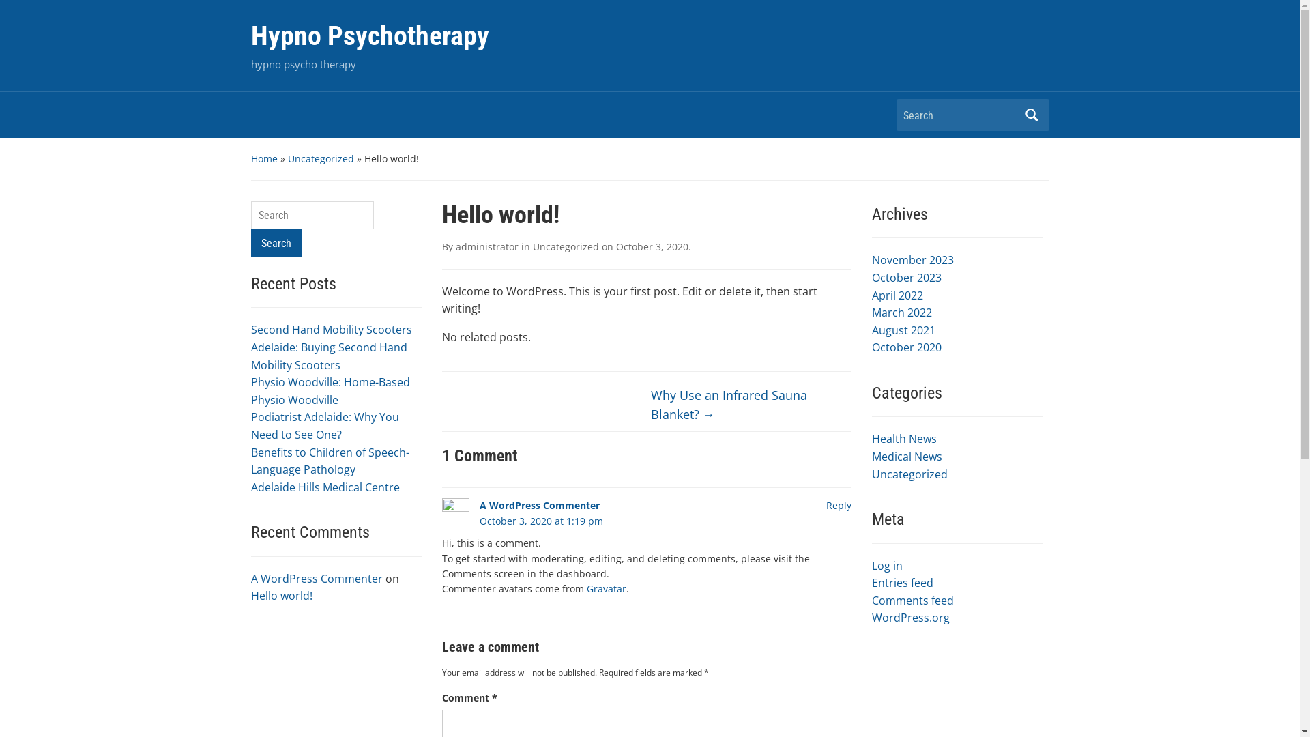  I want to click on 'WordPress.org', so click(910, 618).